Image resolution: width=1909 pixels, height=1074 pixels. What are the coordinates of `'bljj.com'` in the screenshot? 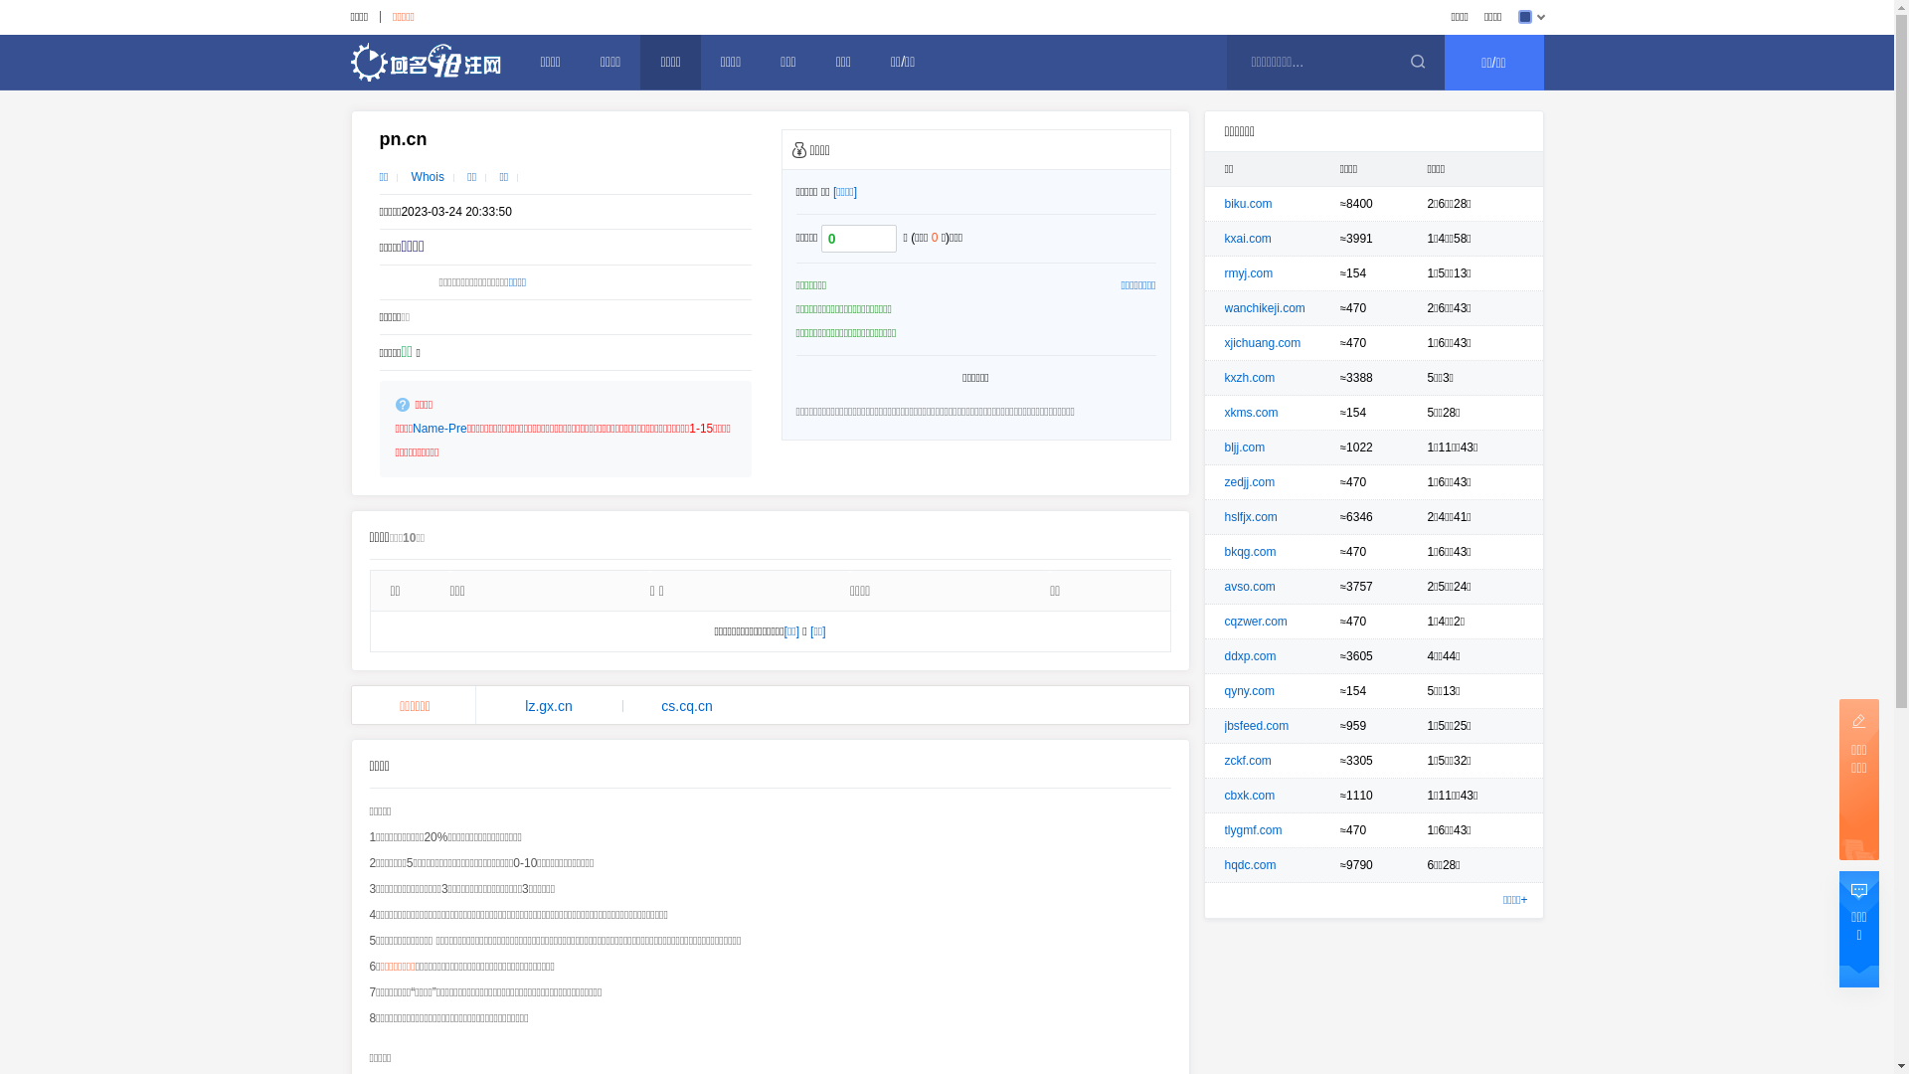 It's located at (1244, 447).